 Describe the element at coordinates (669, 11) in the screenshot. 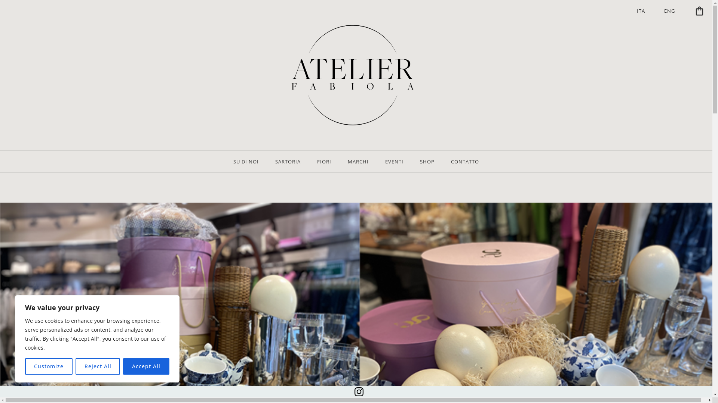

I see `'ENG'` at that location.